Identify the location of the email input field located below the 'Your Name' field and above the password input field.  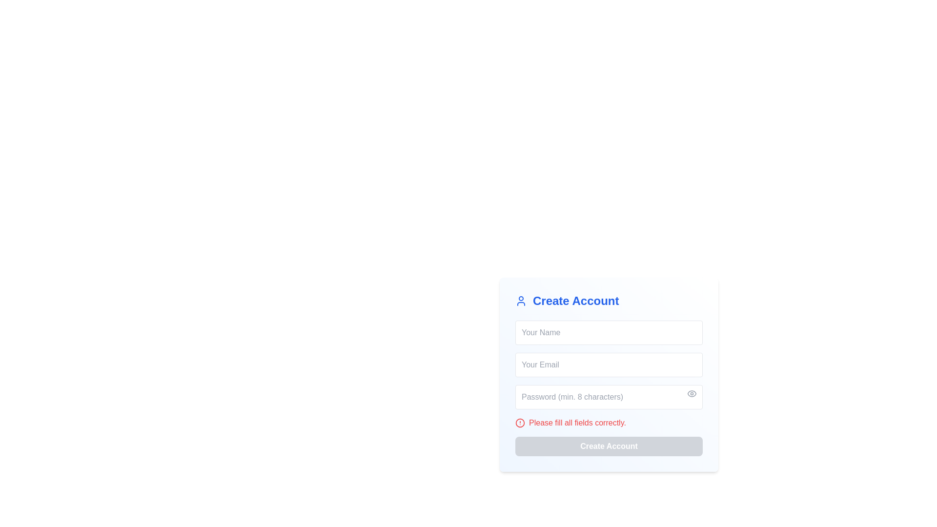
(609, 365).